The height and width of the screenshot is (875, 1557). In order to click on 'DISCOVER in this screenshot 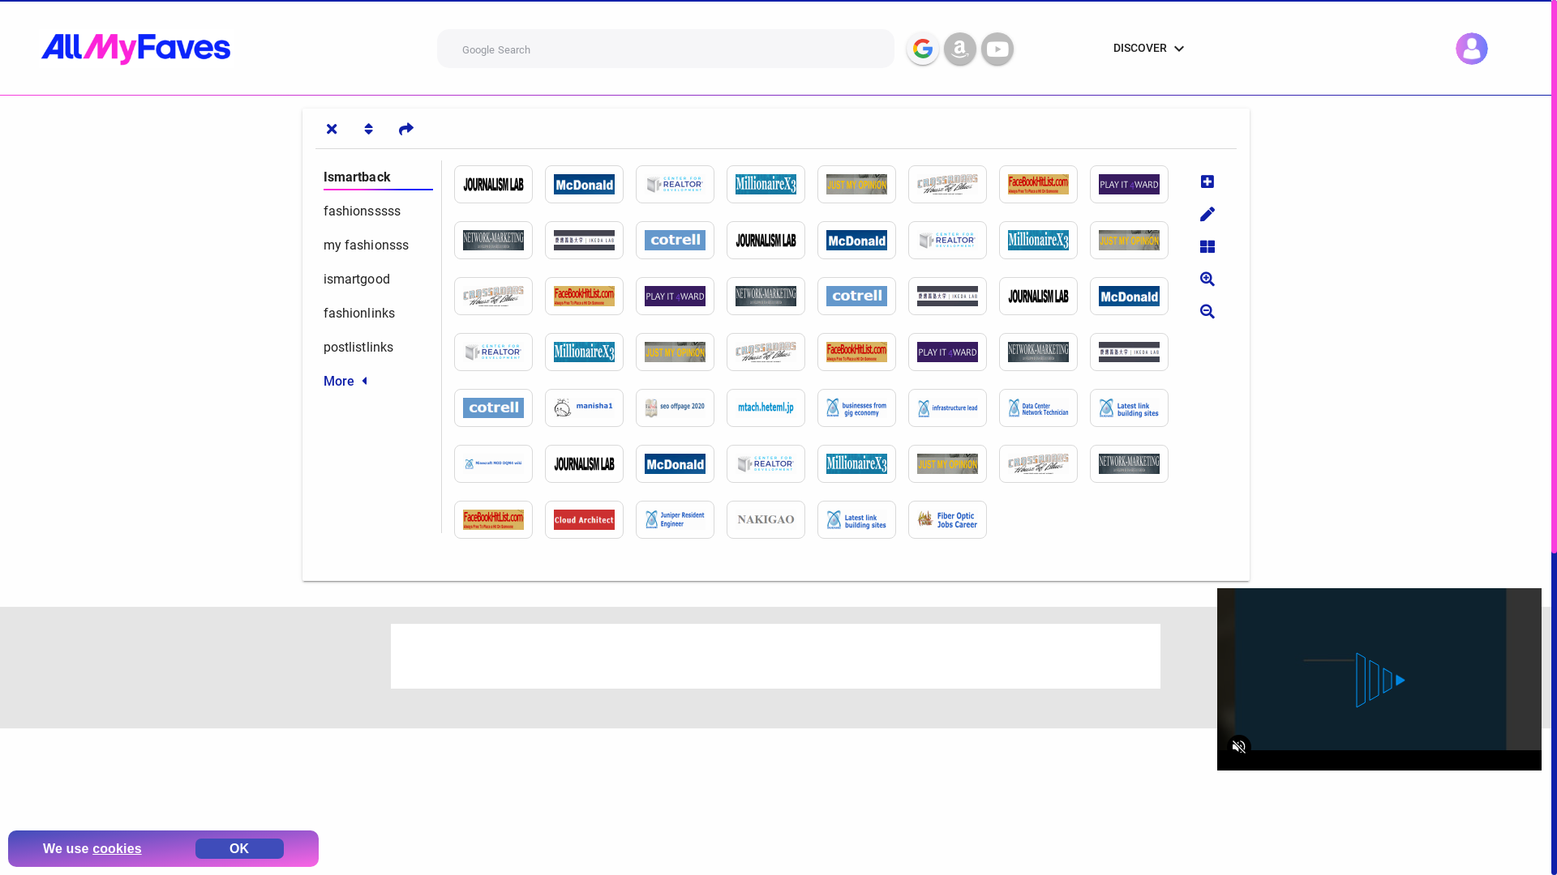, I will do `click(1150, 48)`.